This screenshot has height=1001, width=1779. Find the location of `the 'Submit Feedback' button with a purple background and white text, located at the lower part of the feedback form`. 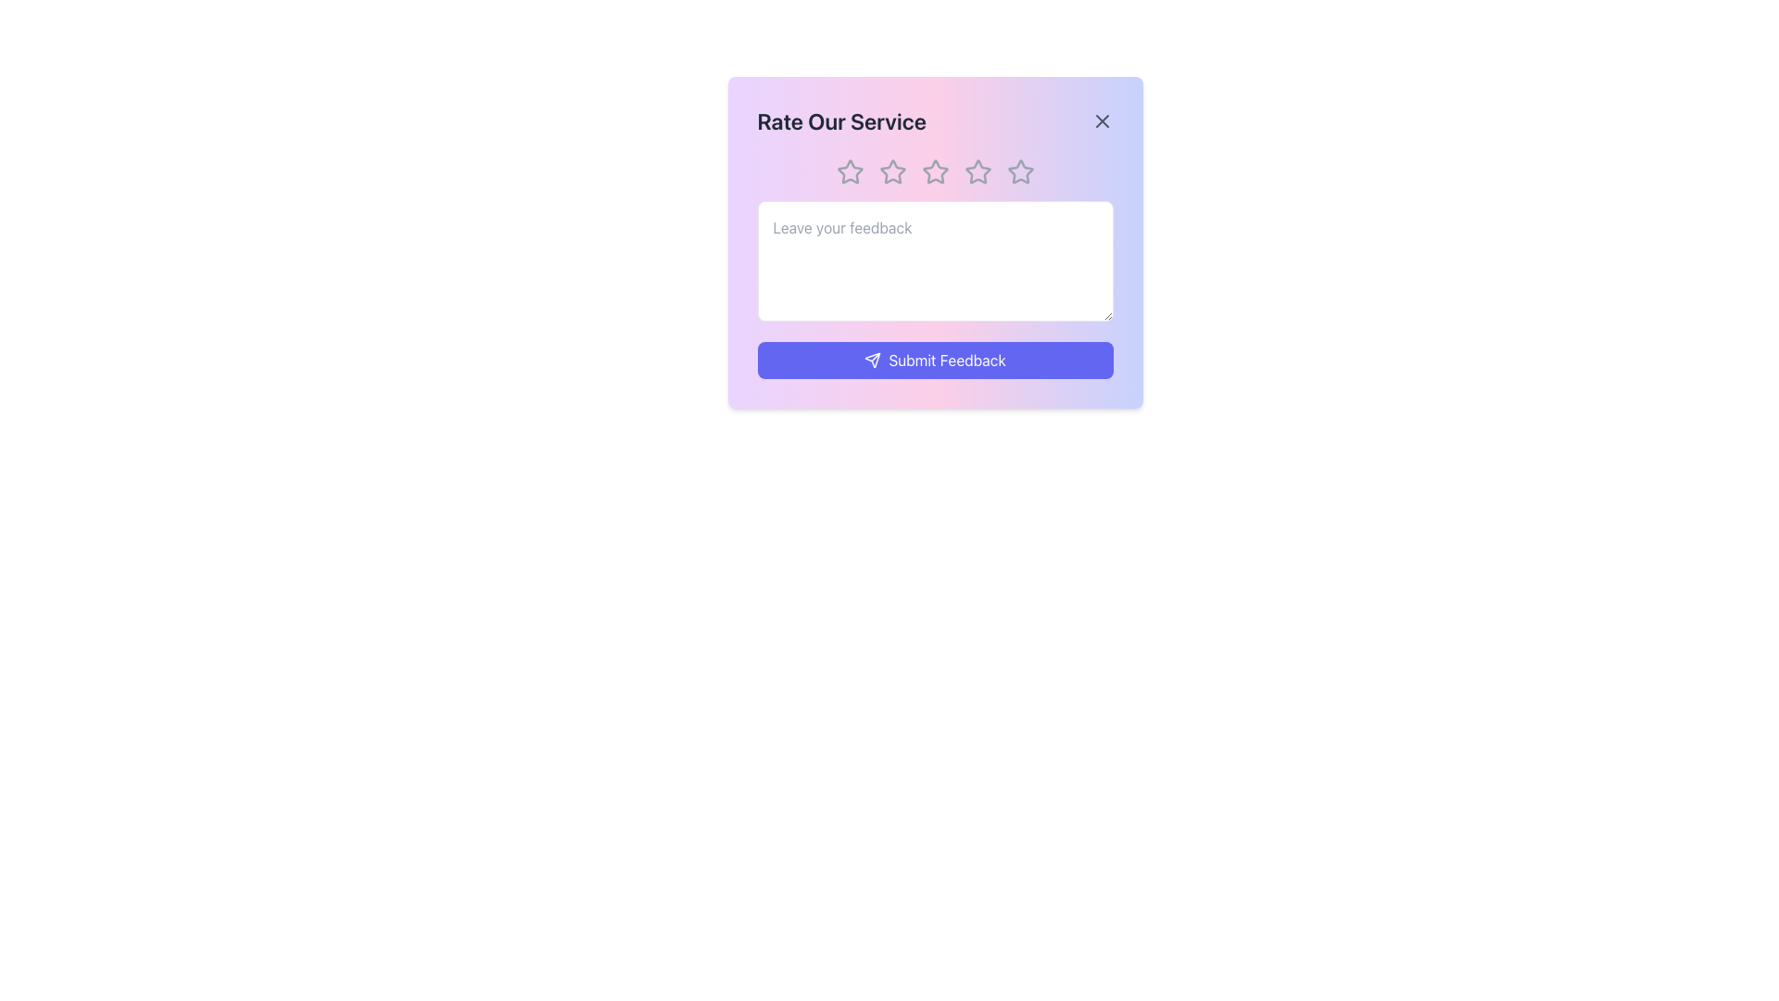

the 'Submit Feedback' button with a purple background and white text, located at the lower part of the feedback form is located at coordinates (935, 361).